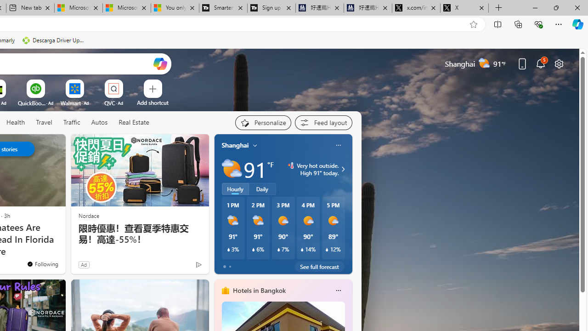  Describe the element at coordinates (319, 266) in the screenshot. I see `'See full forecast'` at that location.